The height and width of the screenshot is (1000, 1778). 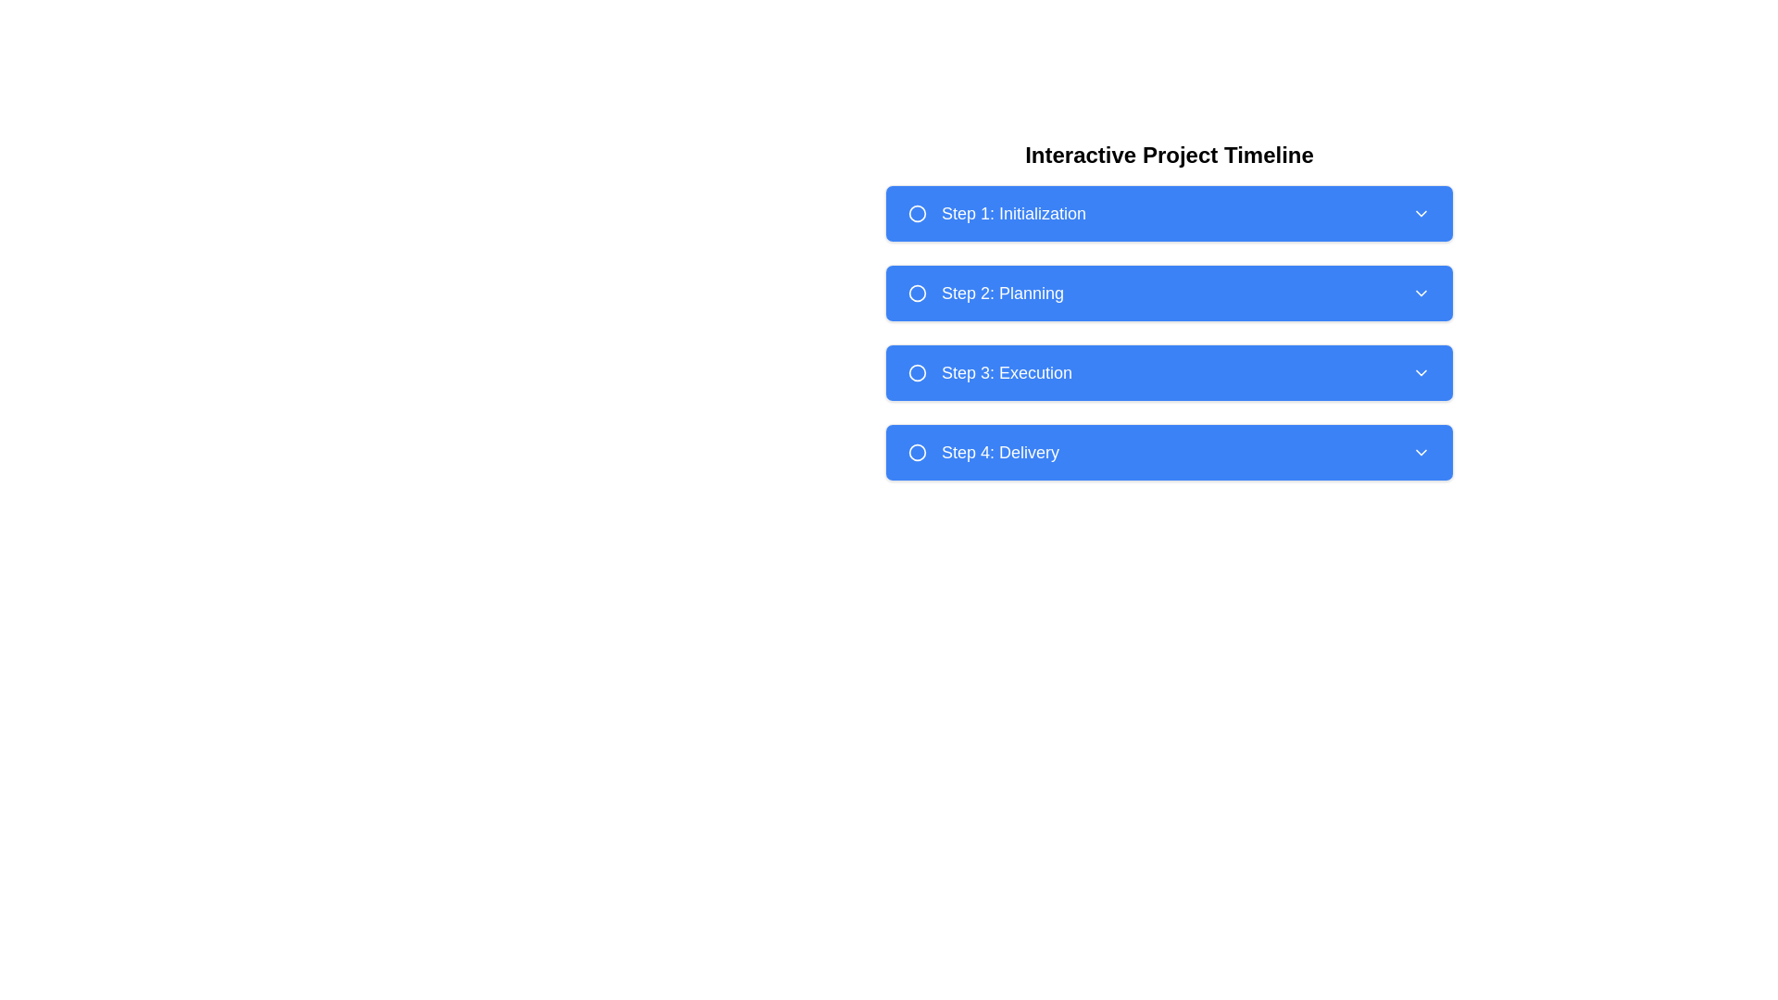 What do you see at coordinates (1168, 213) in the screenshot?
I see `the 'Step 1: Initialization' button for keyboard navigation` at bounding box center [1168, 213].